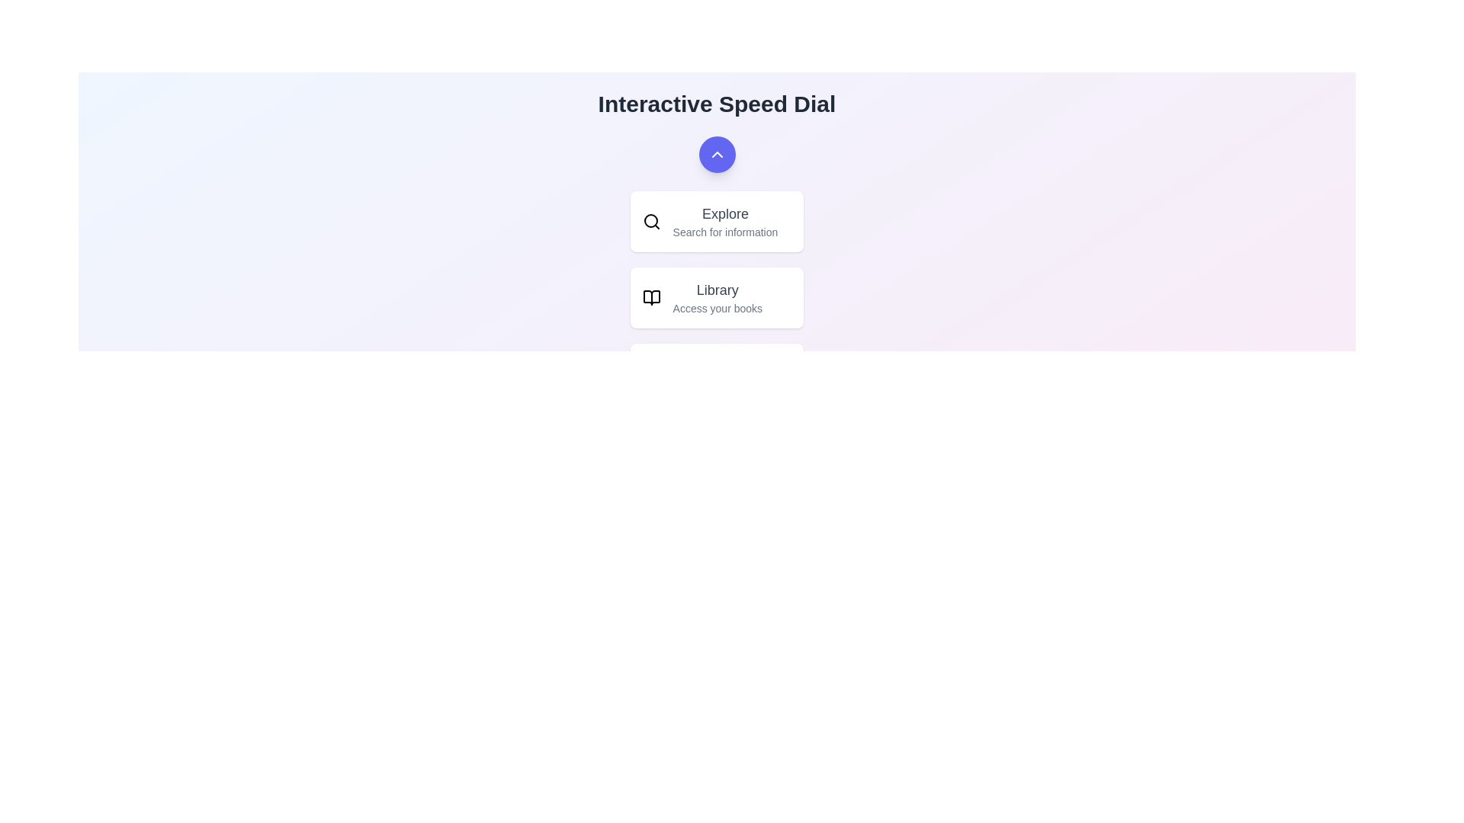 The width and height of the screenshot is (1464, 823). Describe the element at coordinates (716, 155) in the screenshot. I see `the toggle button to open or close the speed dial menu` at that location.